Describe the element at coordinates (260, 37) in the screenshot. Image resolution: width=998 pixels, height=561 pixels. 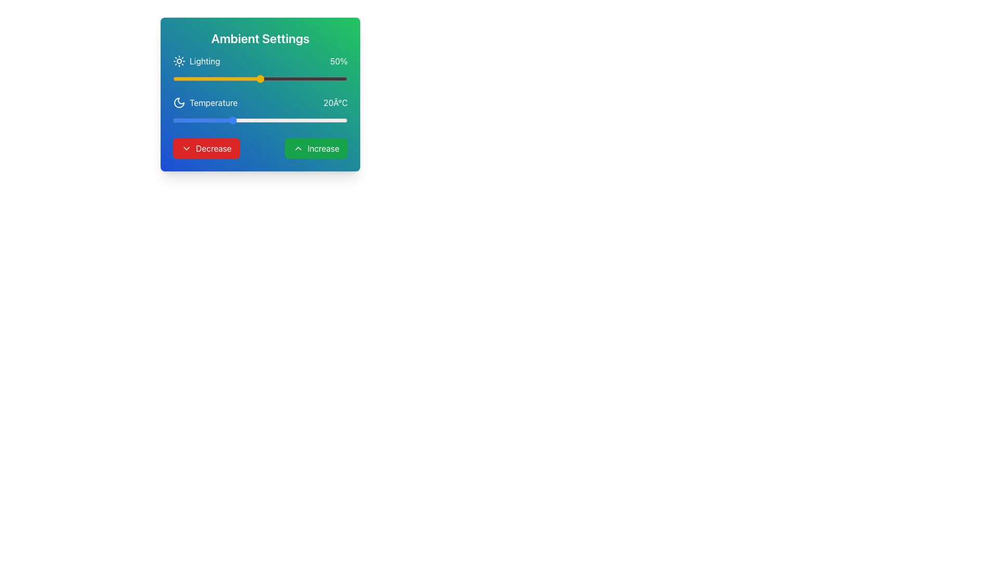
I see `the headline text element displaying 'Ambient Settings' which is located at the top of a rounded card with a gradient background` at that location.